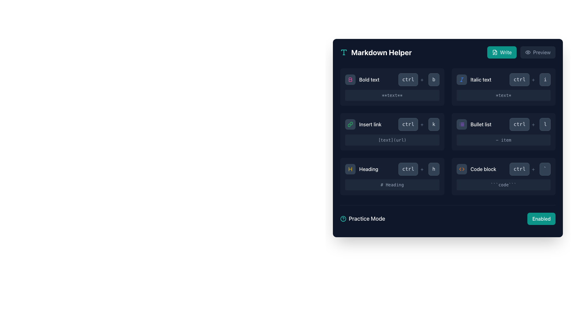  I want to click on the static label that displays an example of Markdown syntax for creating a heading located at the bottom of the 'Heading' block in the Markdown Helper interface, so click(392, 184).